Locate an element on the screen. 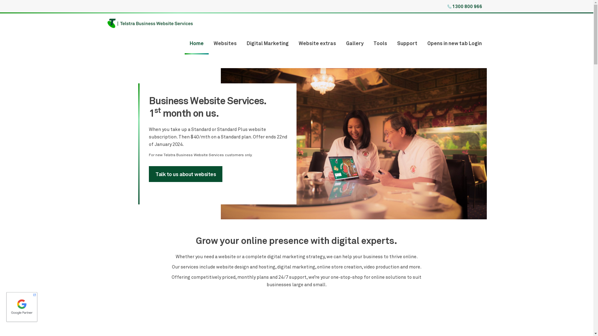 The image size is (598, 336). '1300 800 966' is located at coordinates (452, 6).